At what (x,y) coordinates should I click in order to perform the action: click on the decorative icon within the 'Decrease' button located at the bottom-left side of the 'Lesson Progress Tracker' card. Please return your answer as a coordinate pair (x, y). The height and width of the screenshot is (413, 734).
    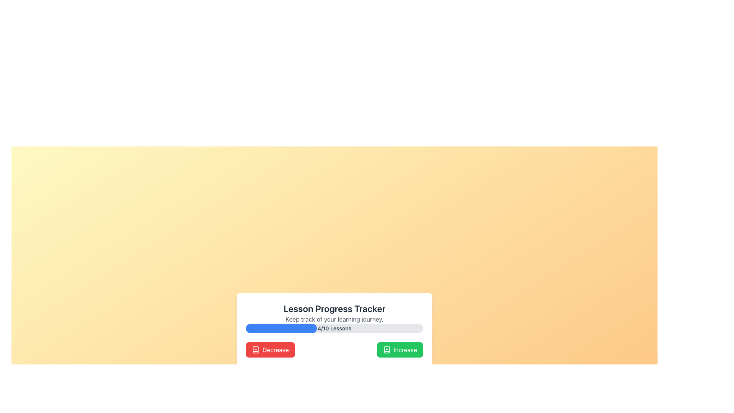
    Looking at the image, I should click on (255, 350).